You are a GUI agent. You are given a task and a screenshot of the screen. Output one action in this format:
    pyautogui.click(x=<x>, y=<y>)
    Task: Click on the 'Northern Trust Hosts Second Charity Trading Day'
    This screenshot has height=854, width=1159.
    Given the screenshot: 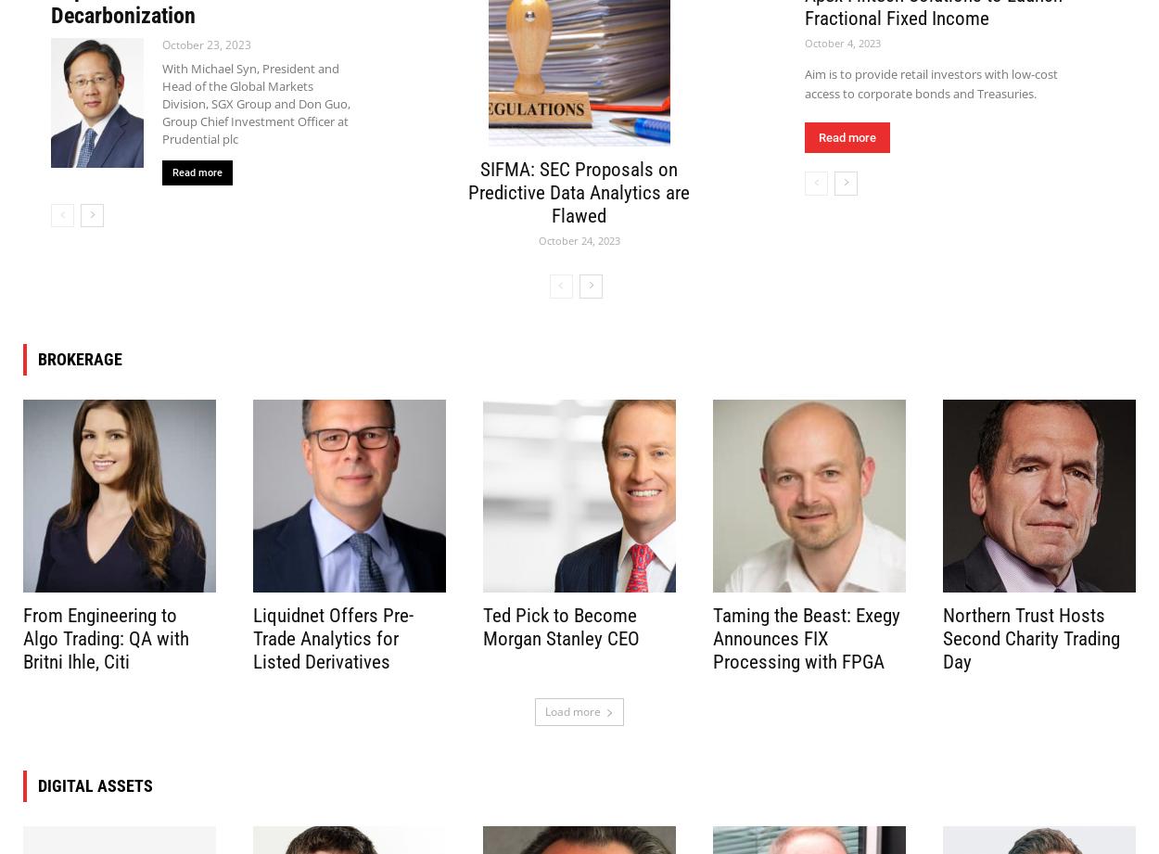 What is the action you would take?
    pyautogui.click(x=1030, y=637)
    